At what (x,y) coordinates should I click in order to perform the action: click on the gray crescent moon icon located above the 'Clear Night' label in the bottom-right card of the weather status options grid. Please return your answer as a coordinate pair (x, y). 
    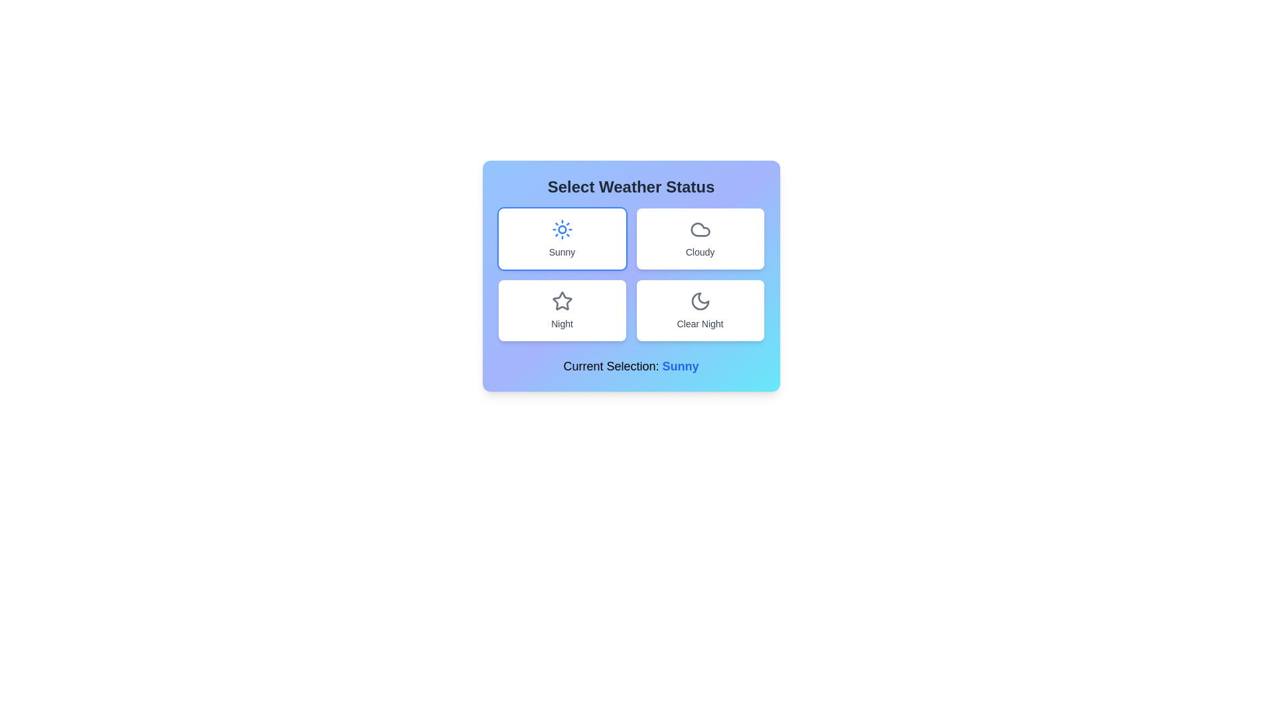
    Looking at the image, I should click on (699, 301).